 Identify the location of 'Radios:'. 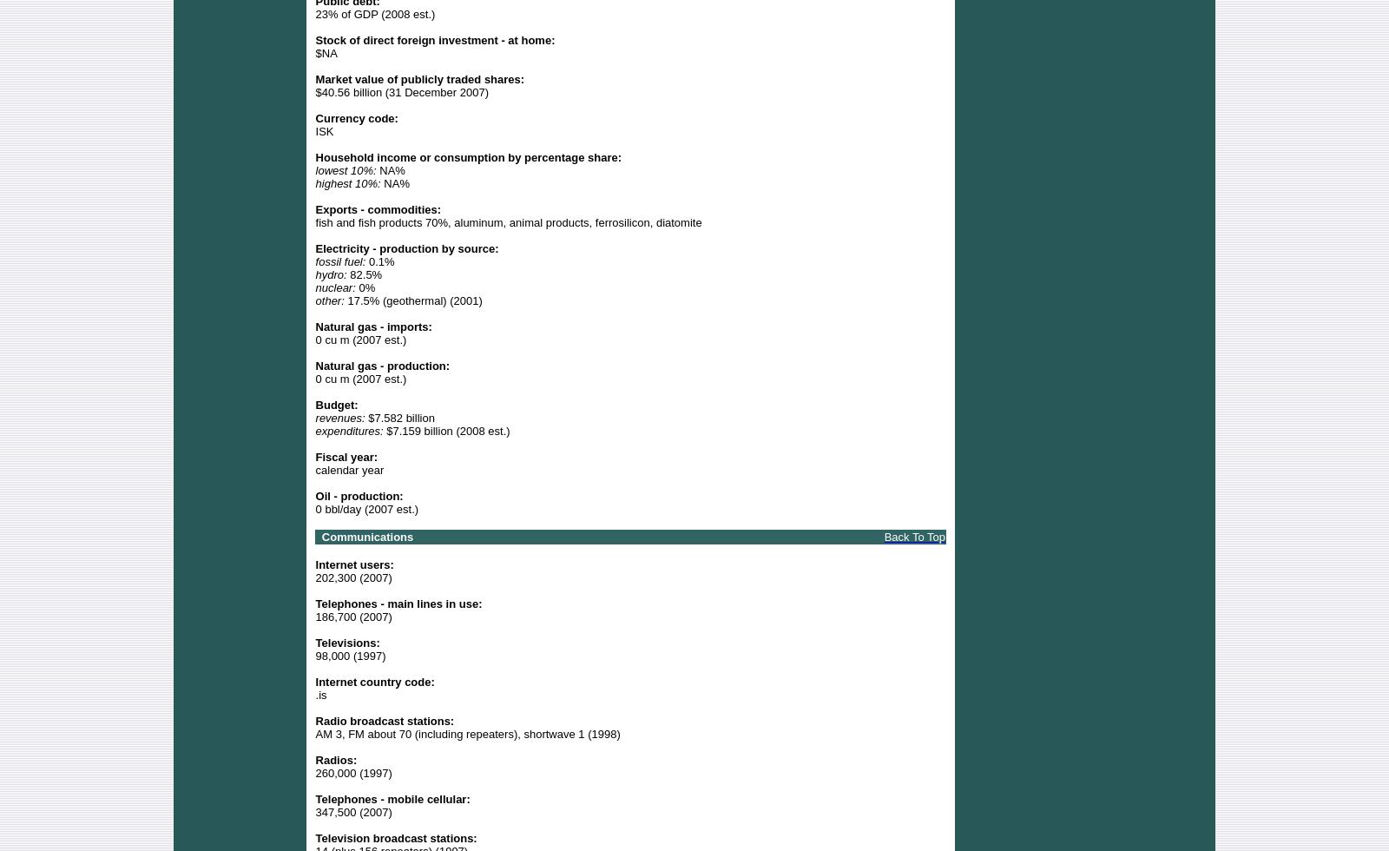
(336, 759).